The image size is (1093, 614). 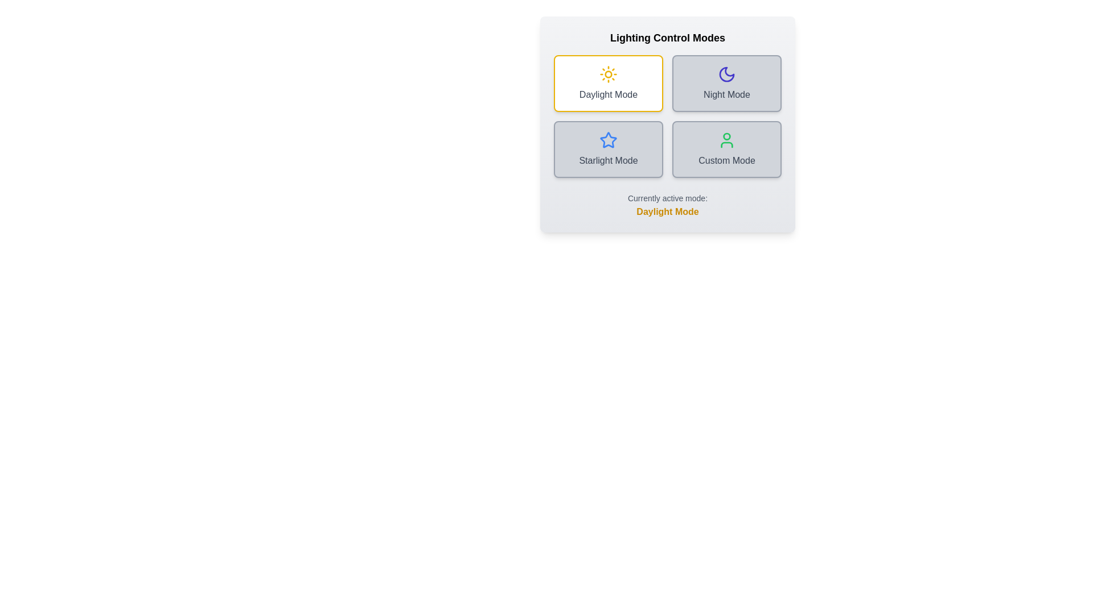 What do you see at coordinates (726, 148) in the screenshot?
I see `the button corresponding to the desired lighting mode Custom Mode` at bounding box center [726, 148].